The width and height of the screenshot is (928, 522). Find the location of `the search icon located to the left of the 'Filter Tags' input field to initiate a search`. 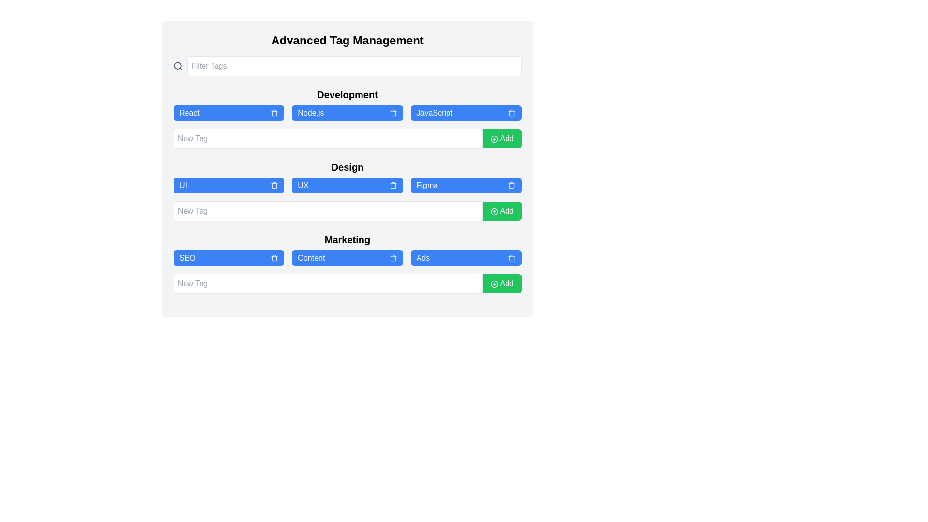

the search icon located to the left of the 'Filter Tags' input field to initiate a search is located at coordinates (178, 66).